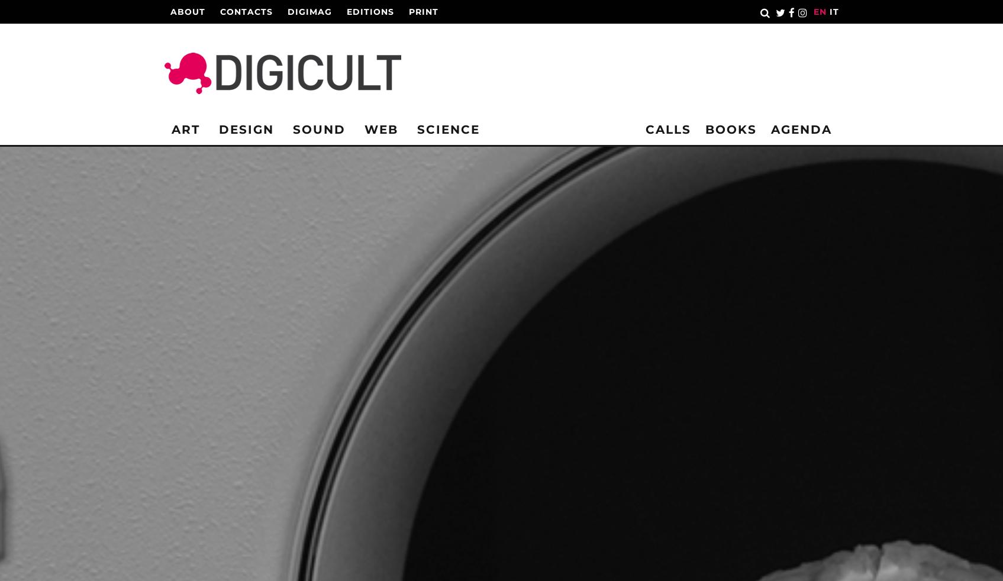  I want to click on 'About', so click(187, 11).